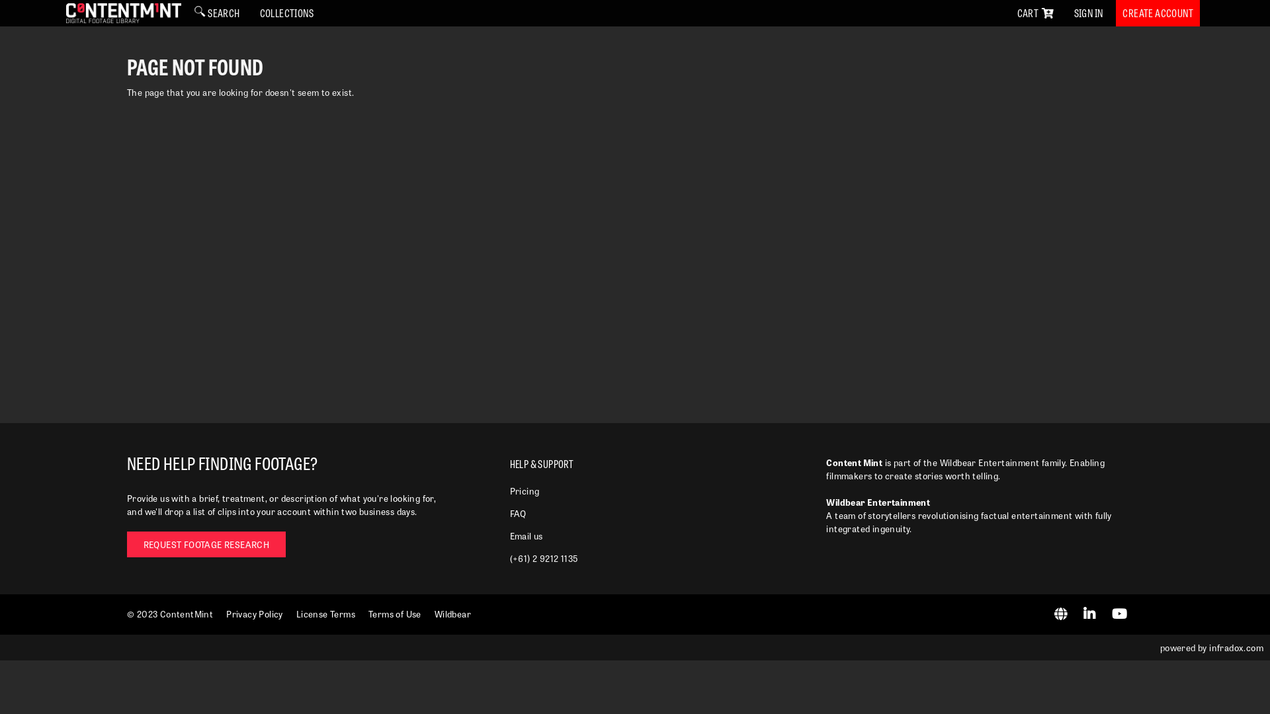 This screenshot has width=1270, height=714. What do you see at coordinates (517, 512) in the screenshot?
I see `'FAQ'` at bounding box center [517, 512].